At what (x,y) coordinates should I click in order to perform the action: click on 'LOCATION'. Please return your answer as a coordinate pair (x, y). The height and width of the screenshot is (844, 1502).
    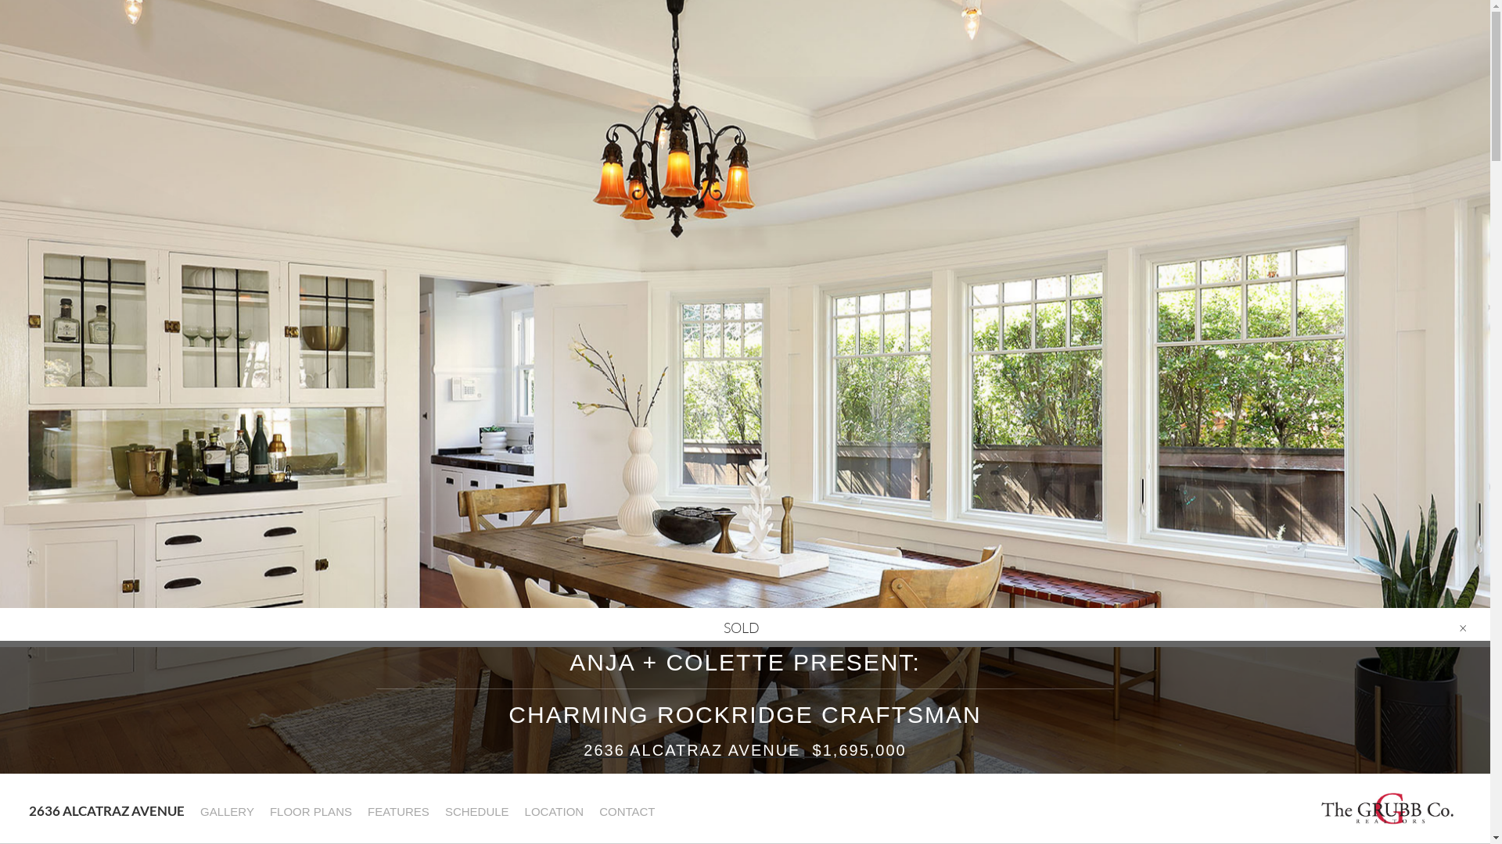
    Looking at the image, I should click on (554, 810).